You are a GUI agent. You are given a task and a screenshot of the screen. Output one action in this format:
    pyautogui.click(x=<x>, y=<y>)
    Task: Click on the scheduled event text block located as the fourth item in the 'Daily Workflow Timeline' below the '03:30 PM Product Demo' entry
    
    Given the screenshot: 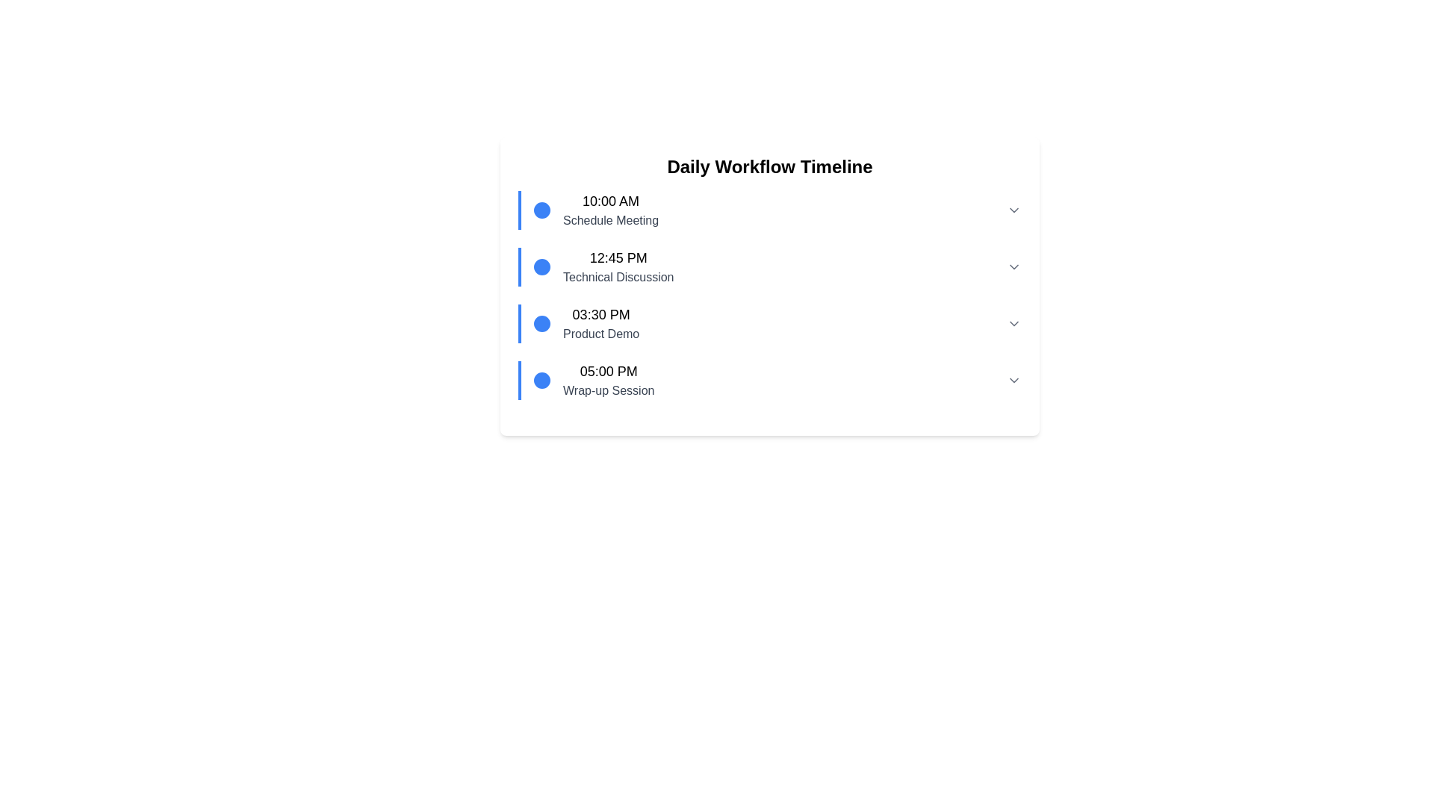 What is the action you would take?
    pyautogui.click(x=609, y=379)
    